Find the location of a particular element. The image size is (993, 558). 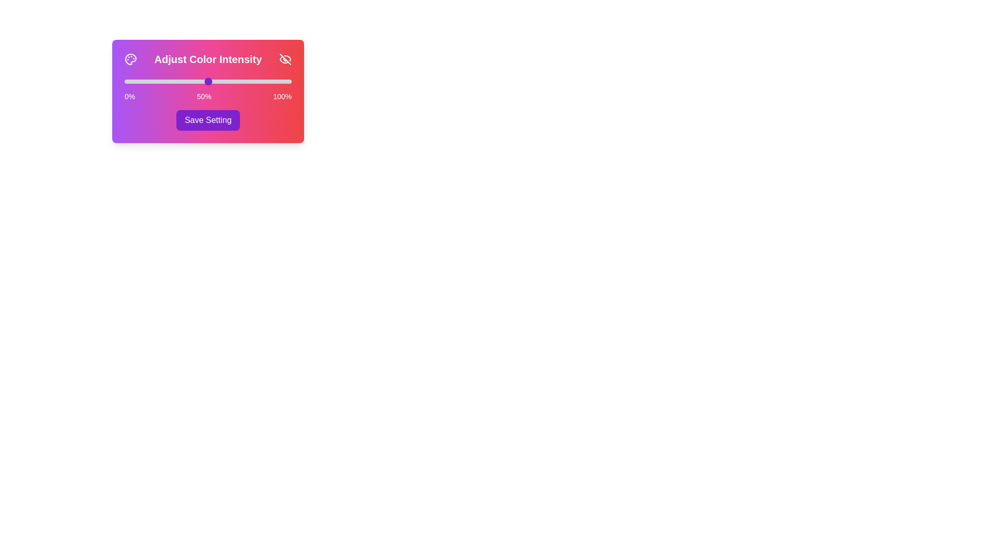

the slider to set the color intensity to 54% is located at coordinates (214, 81).